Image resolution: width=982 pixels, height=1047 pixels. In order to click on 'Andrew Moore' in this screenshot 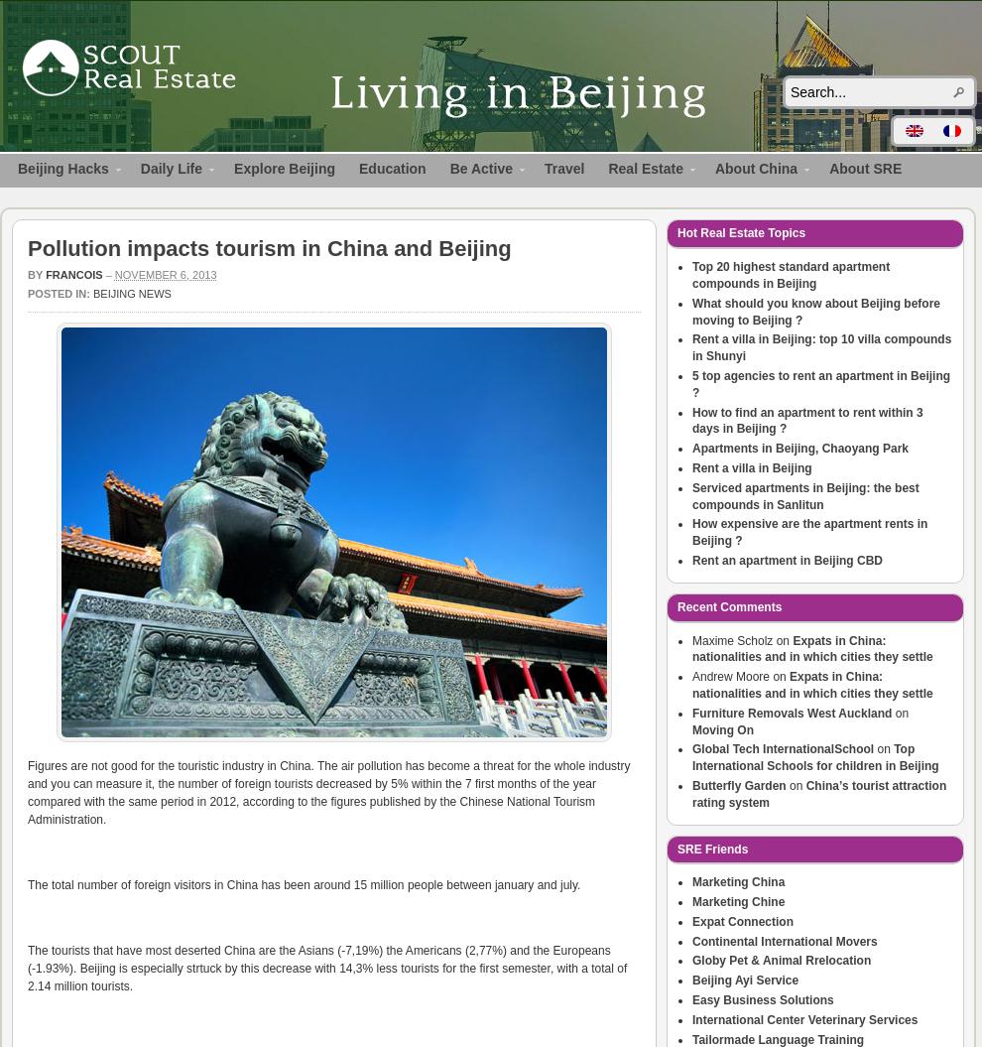, I will do `click(691, 675)`.